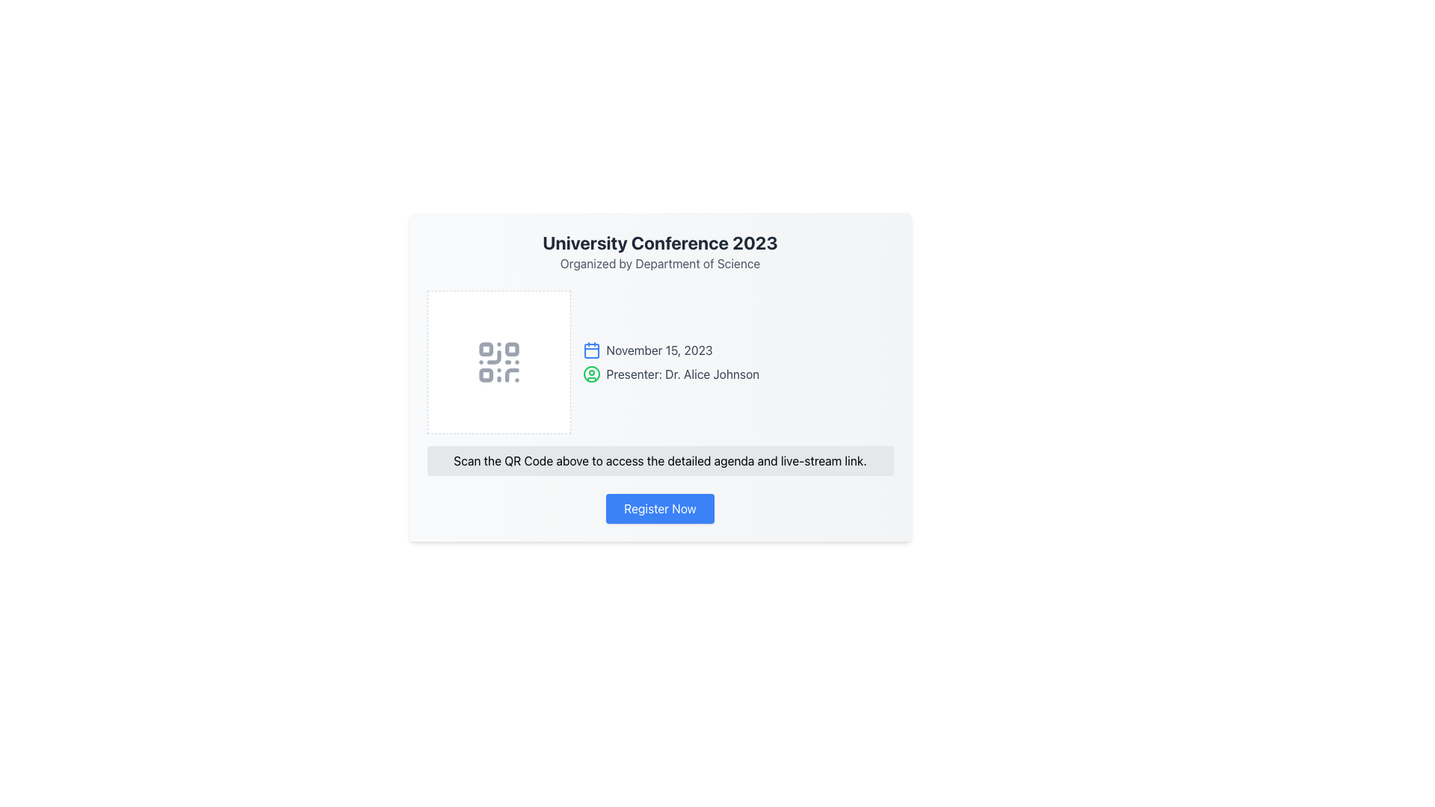 The height and width of the screenshot is (807, 1435). What do you see at coordinates (590, 350) in the screenshot?
I see `the left-most calendar icon representing the date 'November 15, 2023' in the conference details panel` at bounding box center [590, 350].